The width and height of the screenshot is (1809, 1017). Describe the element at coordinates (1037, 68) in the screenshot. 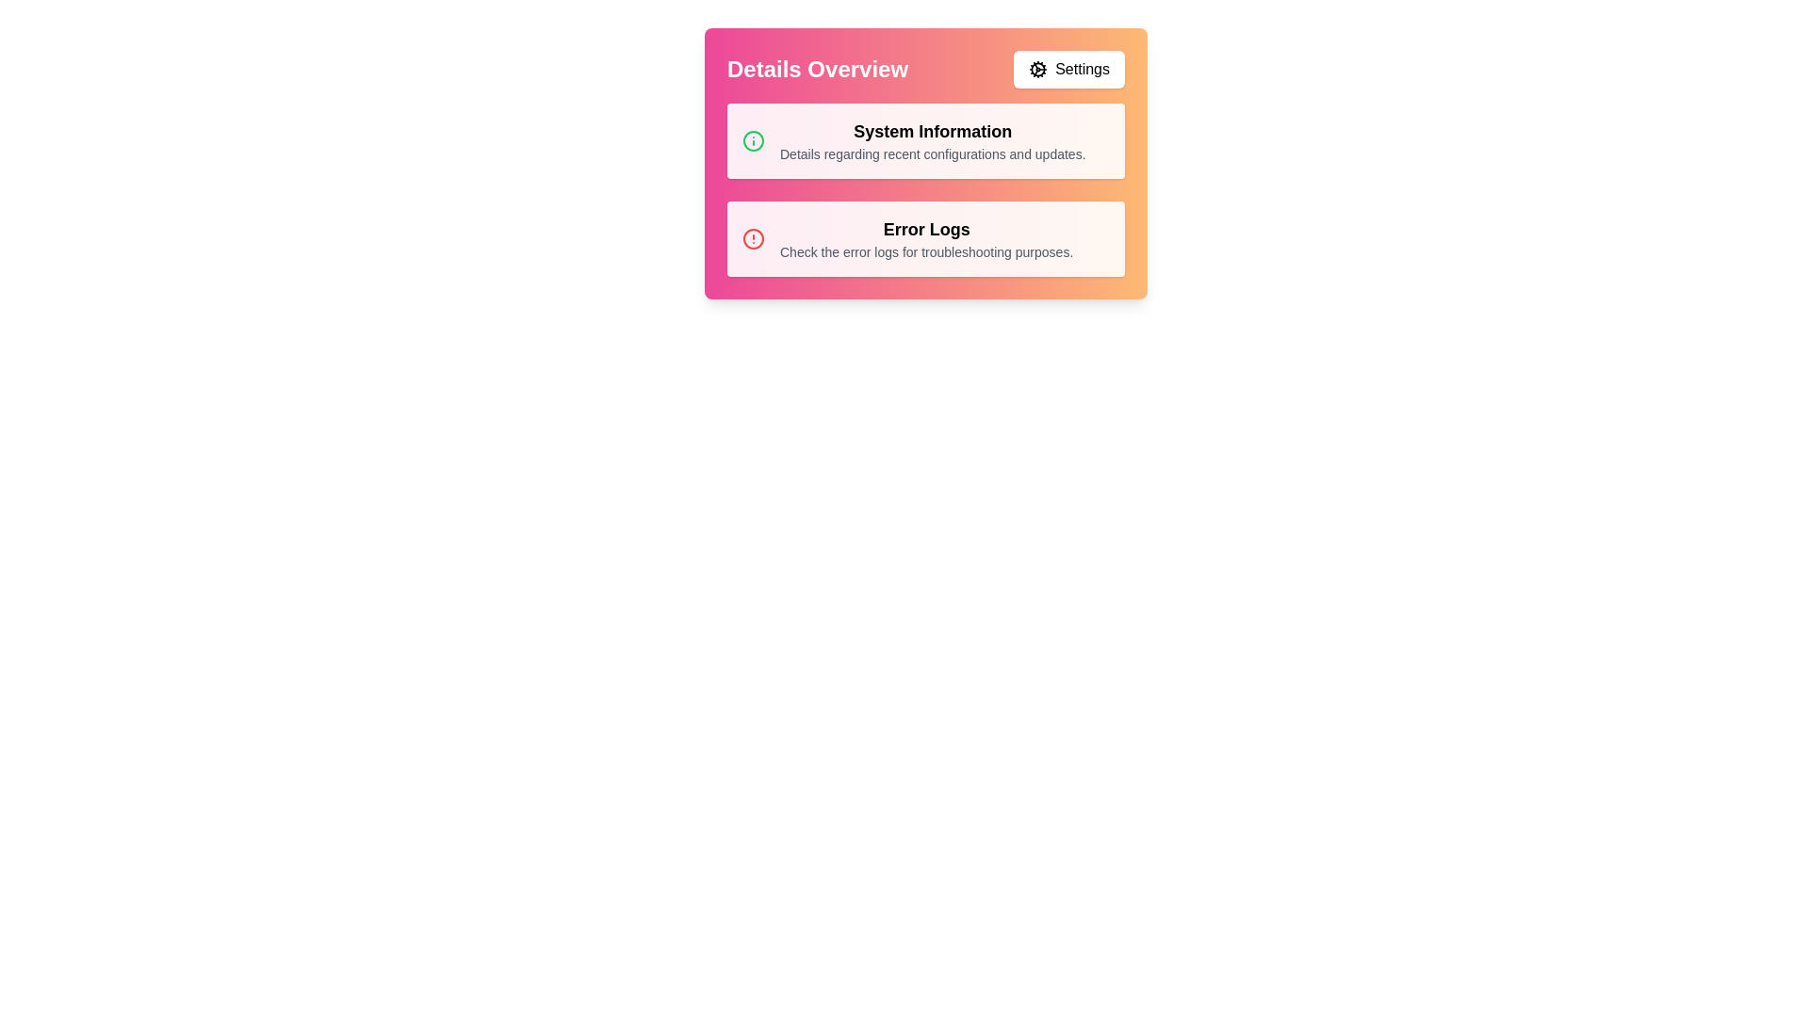

I see `the central circular shape within the gear icon located in the settings button on the upper right of the 'Details Overview' card` at that location.